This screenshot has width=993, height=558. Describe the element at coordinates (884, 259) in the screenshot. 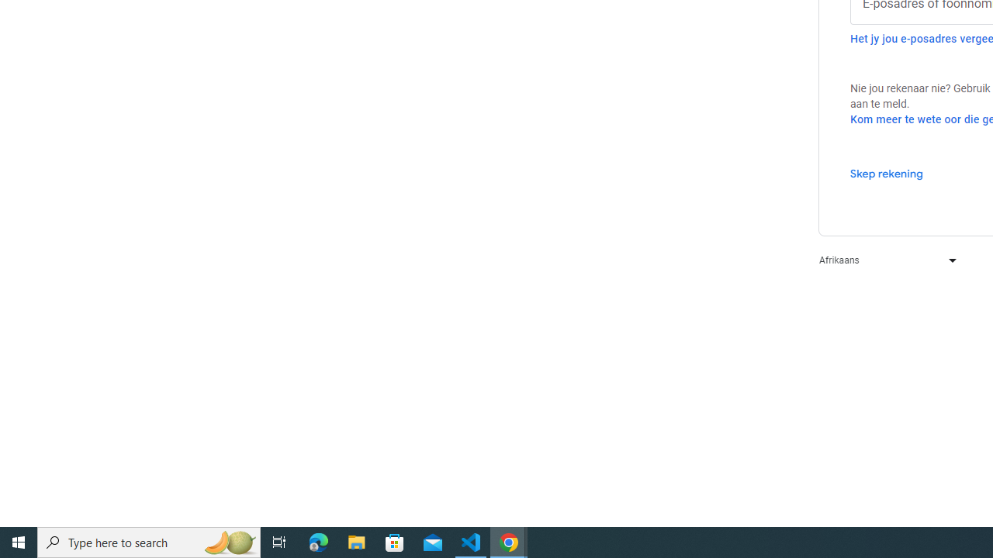

I see `'Afrikaans'` at that location.